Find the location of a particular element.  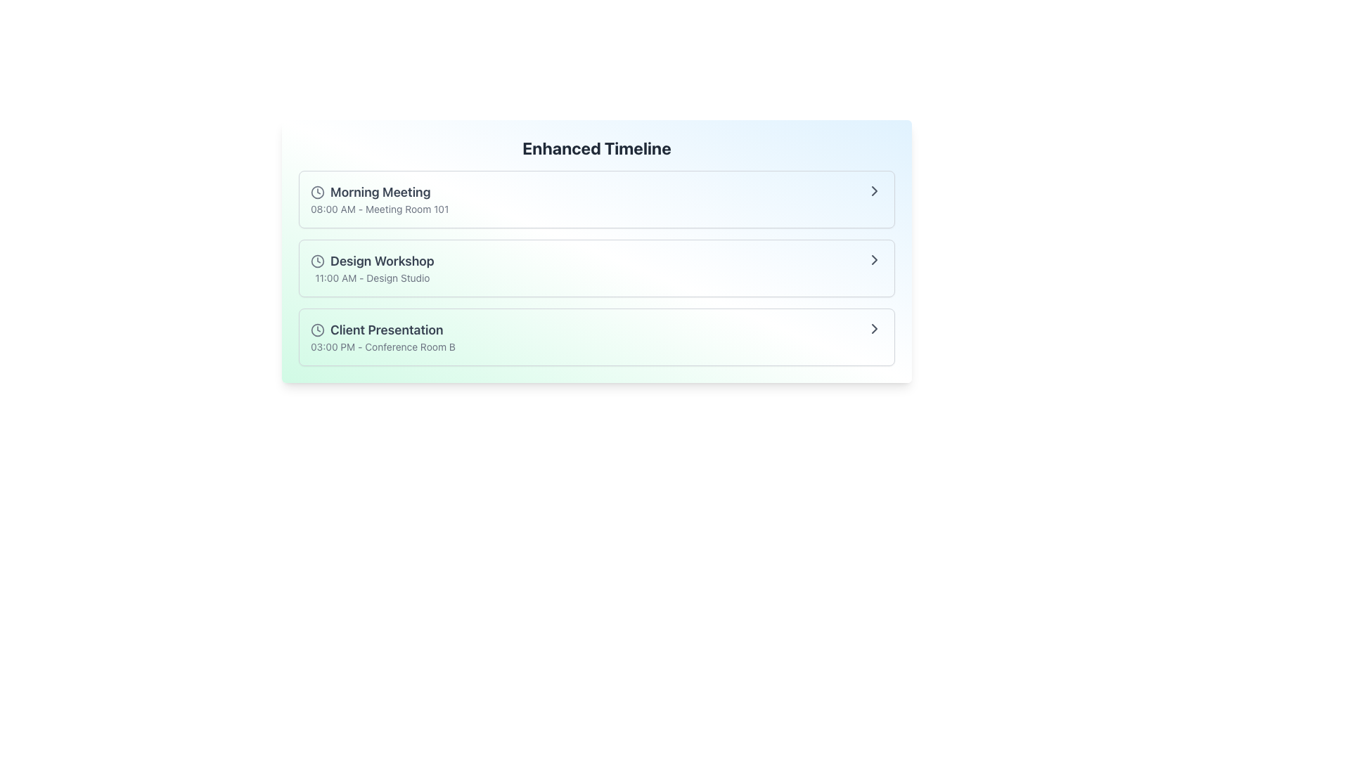

text label 'Design Workshop', which is styled with a bold font and located in the second entry of a structured timeline layout, above '11:00 AM - Design Studio' is located at coordinates (372, 261).